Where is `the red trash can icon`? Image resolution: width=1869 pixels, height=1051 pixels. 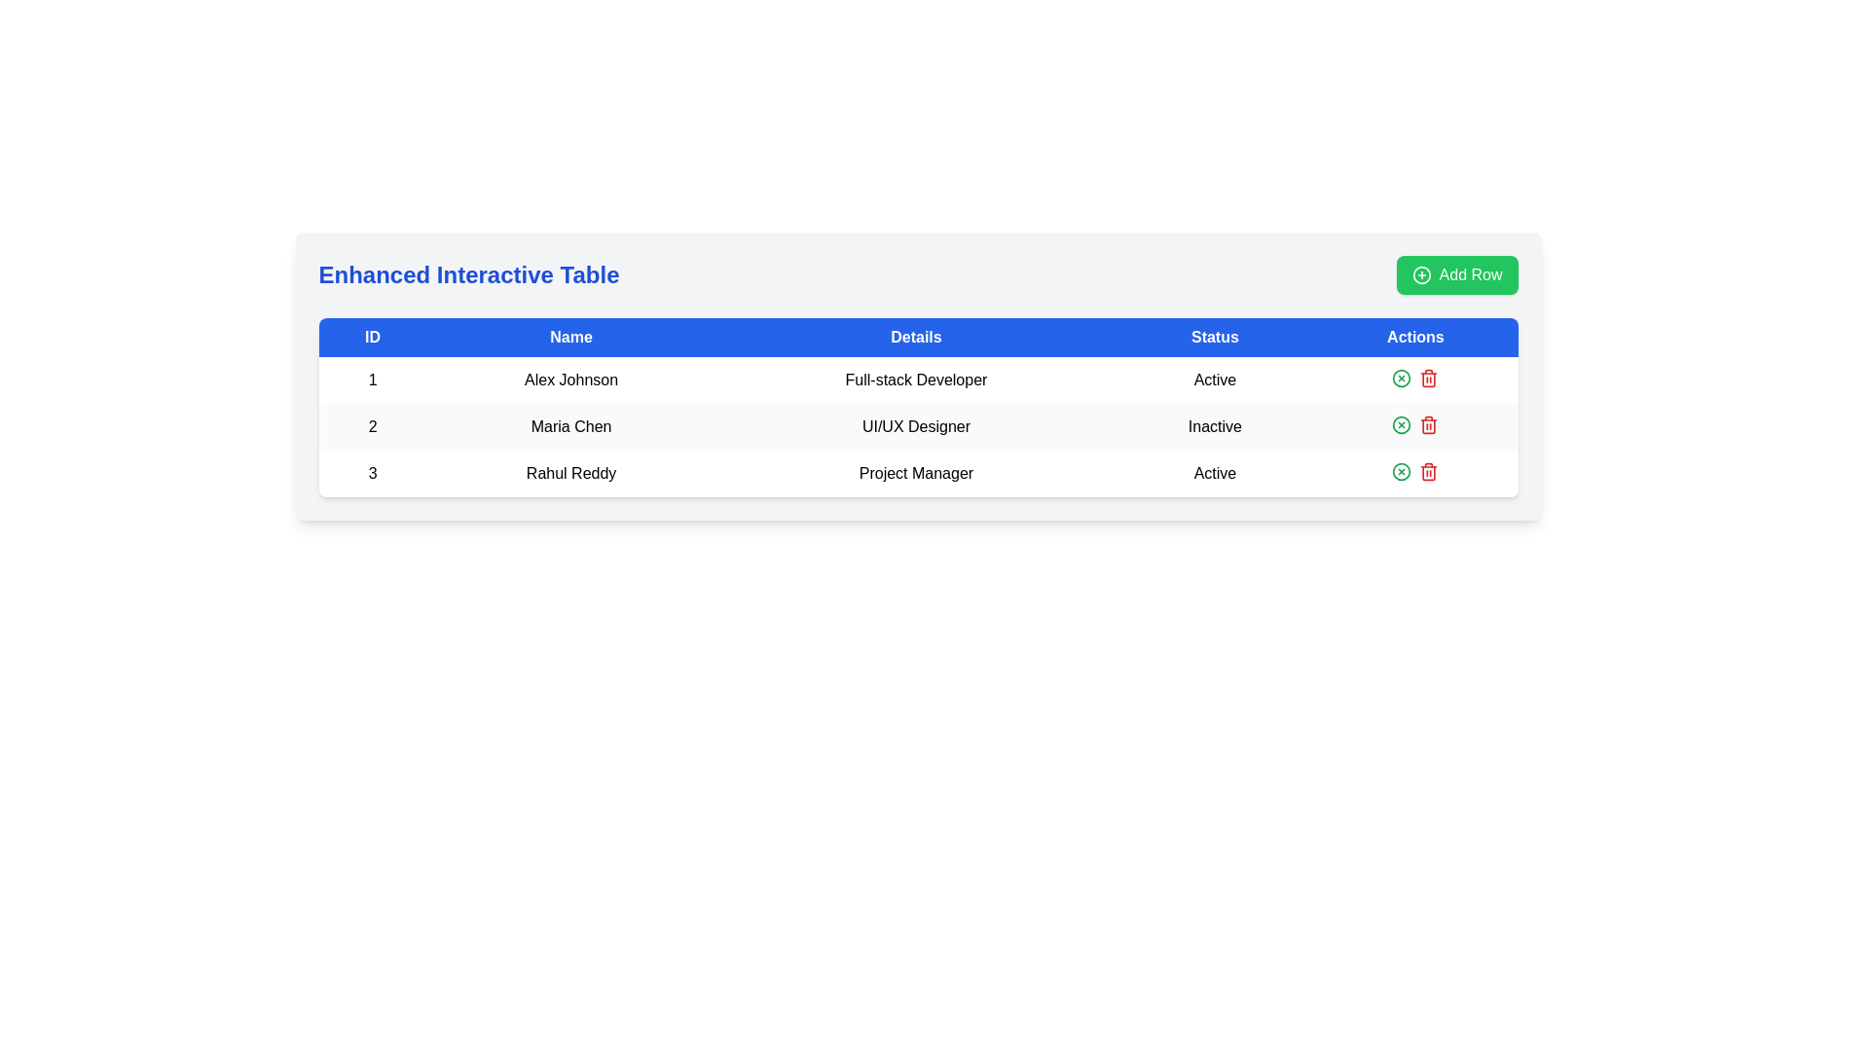 the red trash can icon is located at coordinates (1429, 423).